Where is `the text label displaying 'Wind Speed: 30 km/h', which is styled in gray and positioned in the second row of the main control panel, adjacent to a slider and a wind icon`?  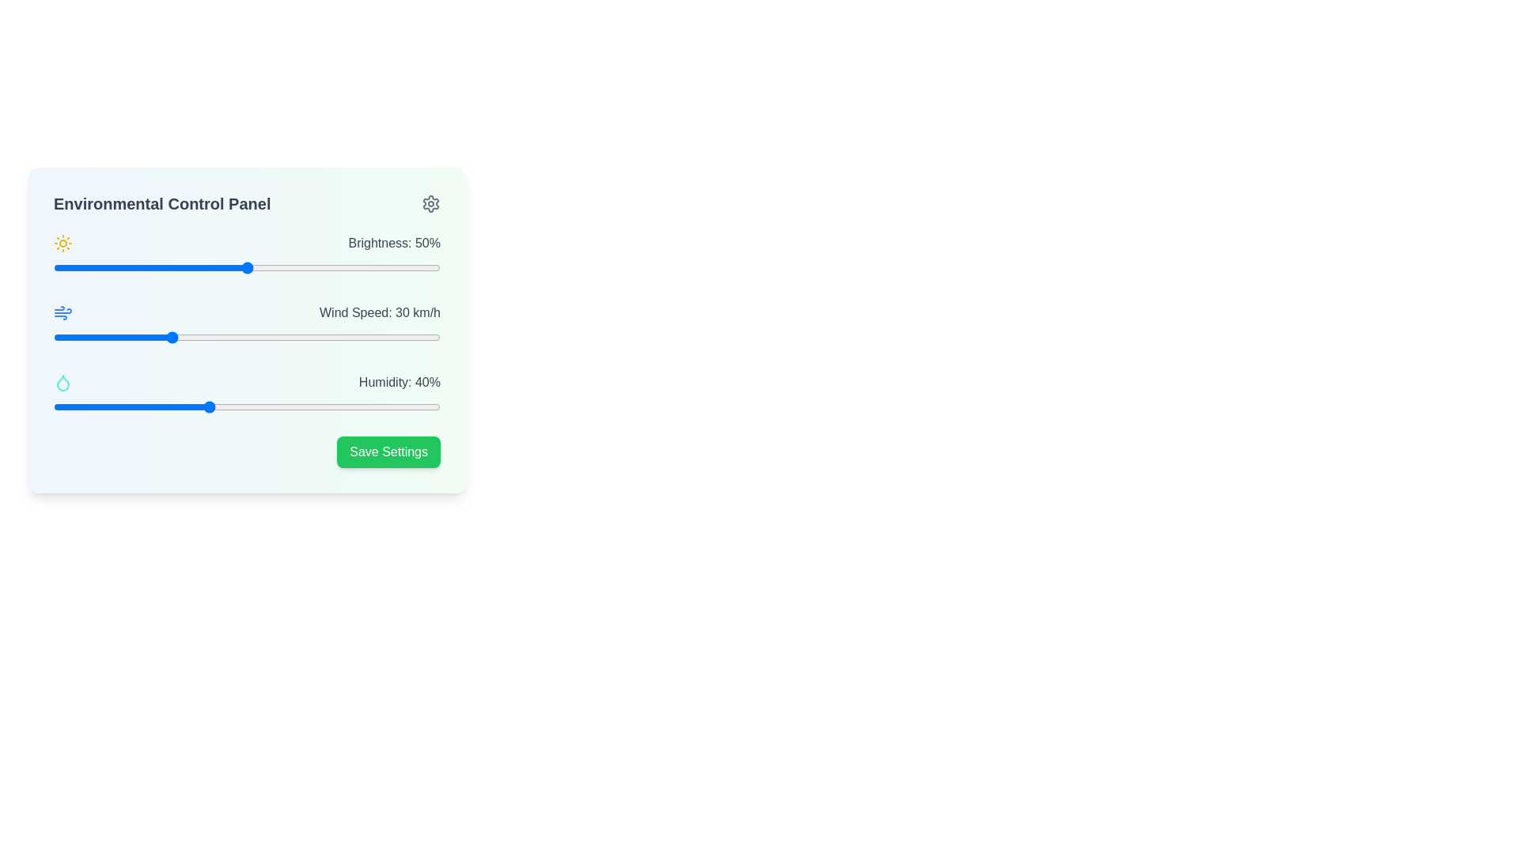 the text label displaying 'Wind Speed: 30 km/h', which is styled in gray and positioned in the second row of the main control panel, adjacent to a slider and a wind icon is located at coordinates (380, 313).